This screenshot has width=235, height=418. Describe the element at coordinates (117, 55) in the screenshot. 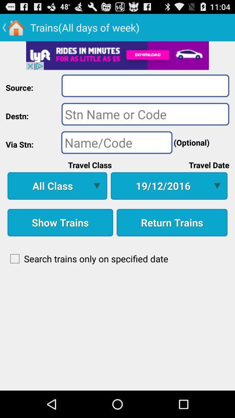

I see `advertisement` at that location.